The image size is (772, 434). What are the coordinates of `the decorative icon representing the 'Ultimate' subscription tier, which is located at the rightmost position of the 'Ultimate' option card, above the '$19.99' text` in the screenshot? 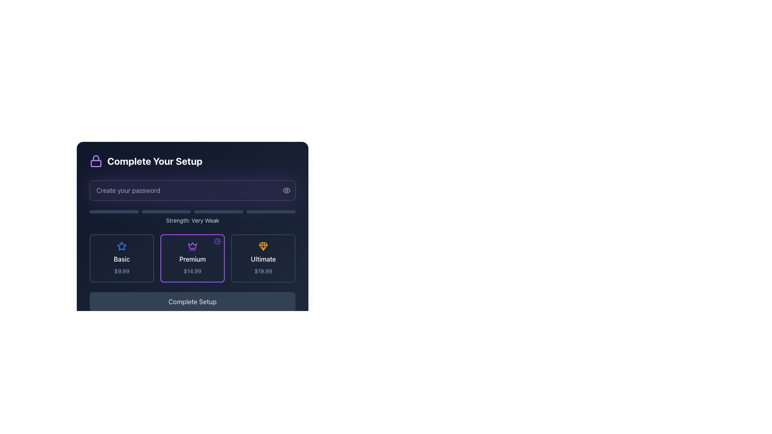 It's located at (263, 246).